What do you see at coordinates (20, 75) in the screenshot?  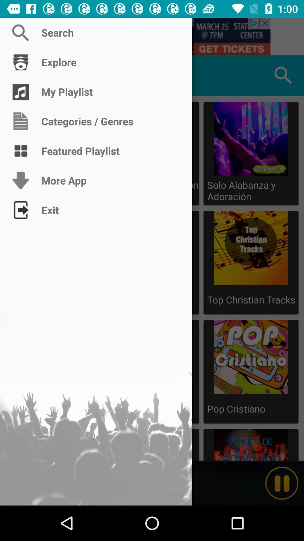 I see `games playing options` at bounding box center [20, 75].